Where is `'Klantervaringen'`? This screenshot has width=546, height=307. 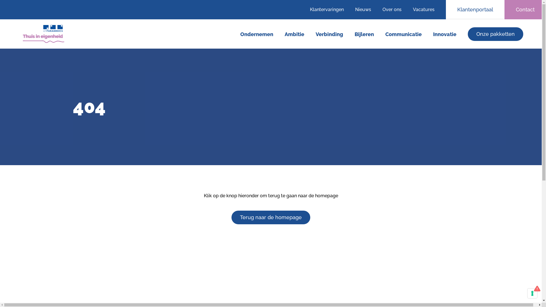
'Klantervaringen' is located at coordinates (330, 10).